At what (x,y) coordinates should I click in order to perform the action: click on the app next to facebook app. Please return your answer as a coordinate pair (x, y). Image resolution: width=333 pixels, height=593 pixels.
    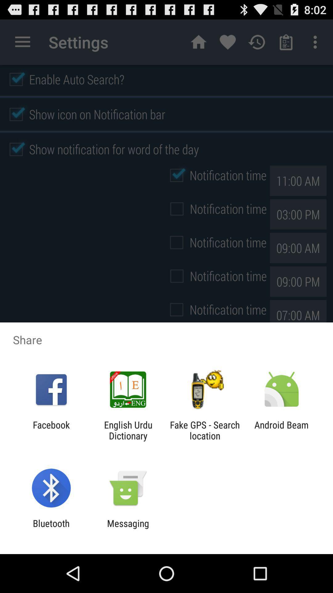
    Looking at the image, I should click on (128, 430).